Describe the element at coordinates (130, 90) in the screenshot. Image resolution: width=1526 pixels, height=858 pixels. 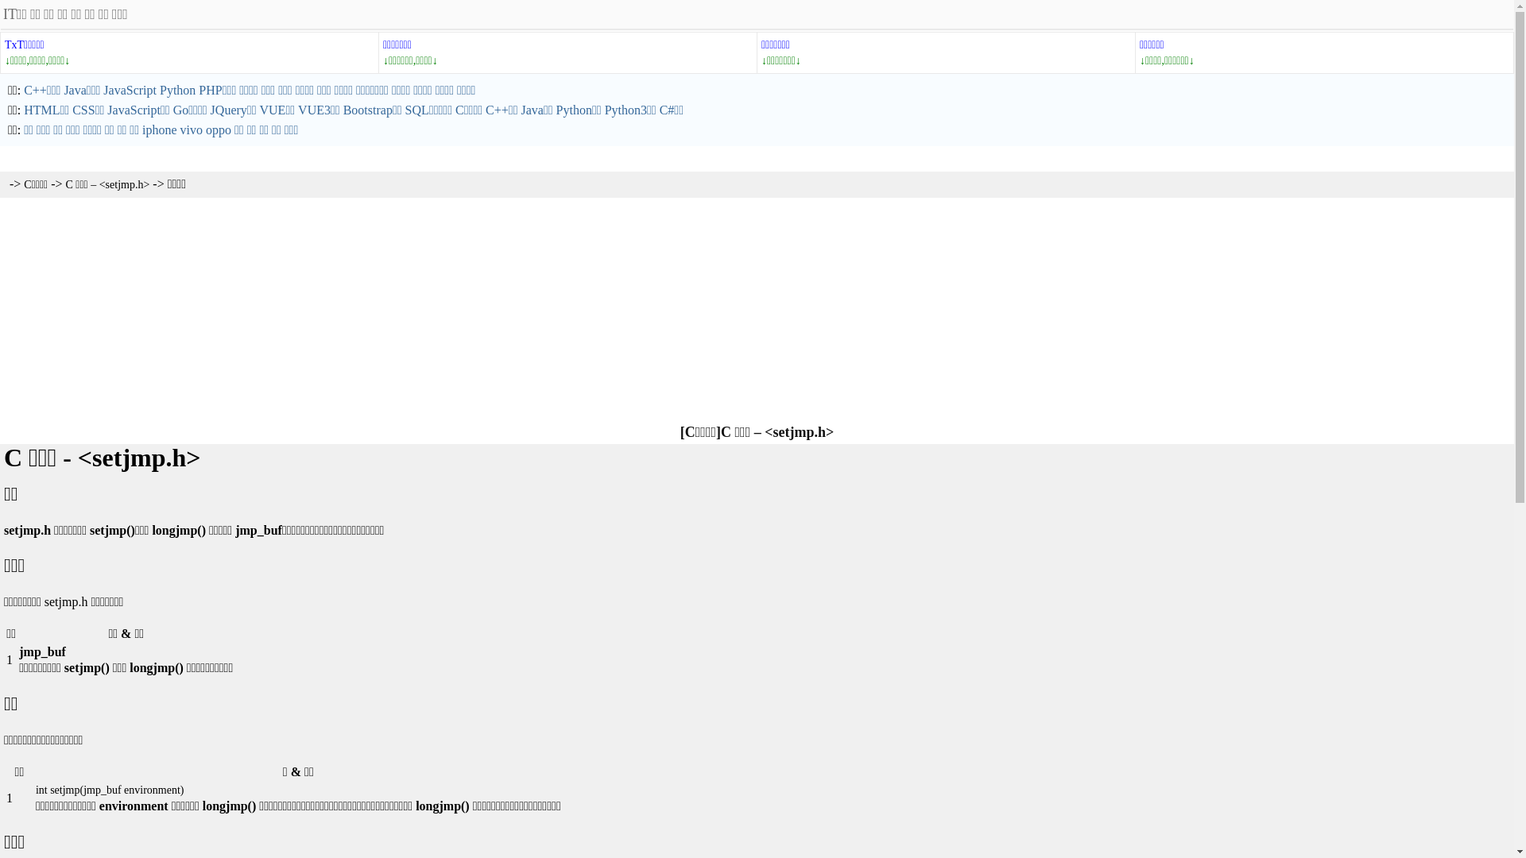
I see `'JavaScript'` at that location.